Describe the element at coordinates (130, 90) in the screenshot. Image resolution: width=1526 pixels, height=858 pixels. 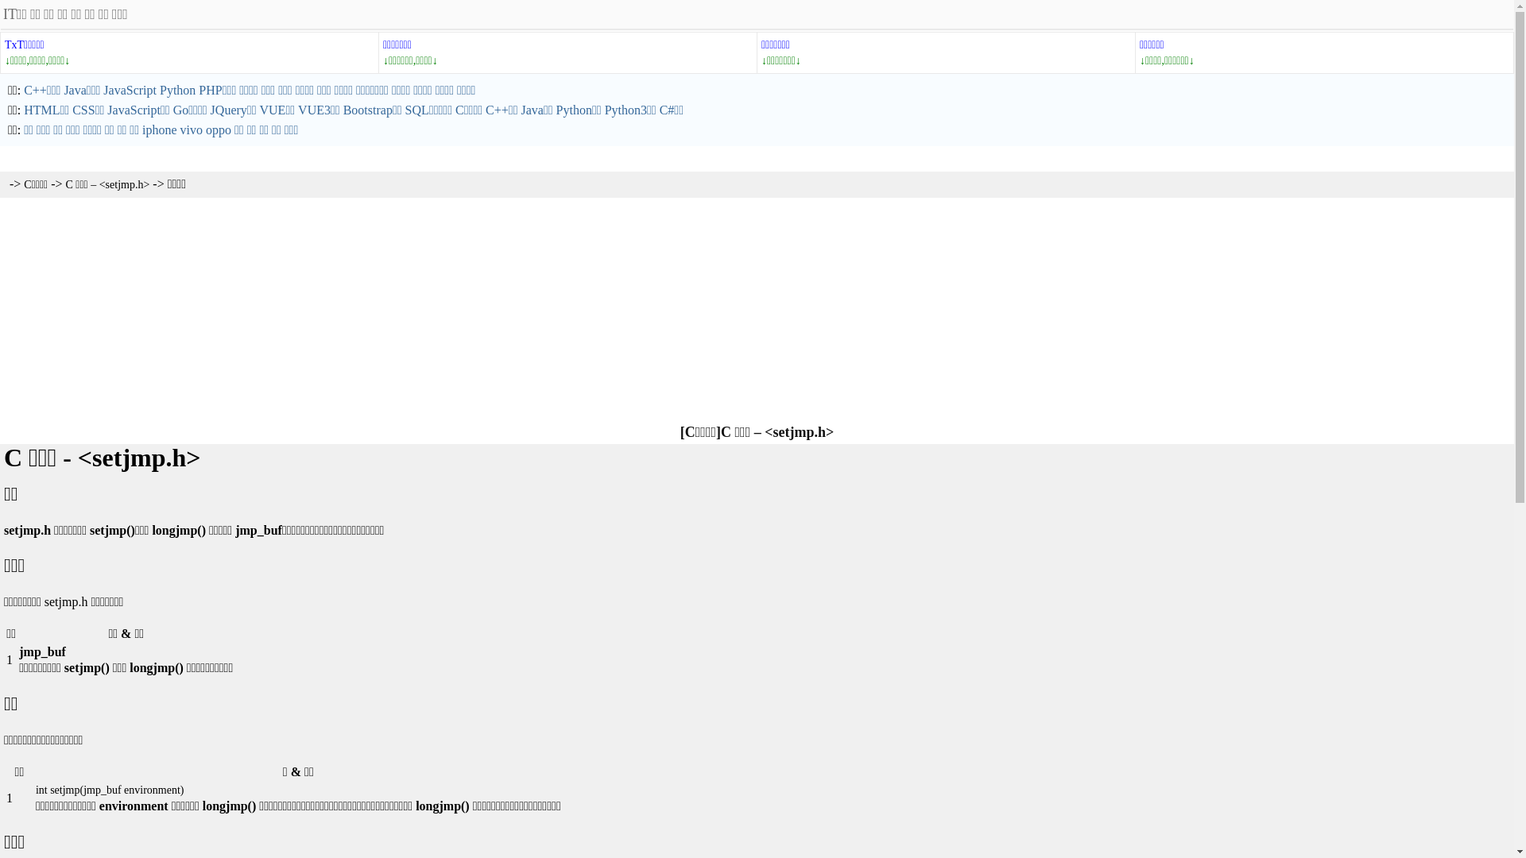
I see `'JavaScript'` at that location.